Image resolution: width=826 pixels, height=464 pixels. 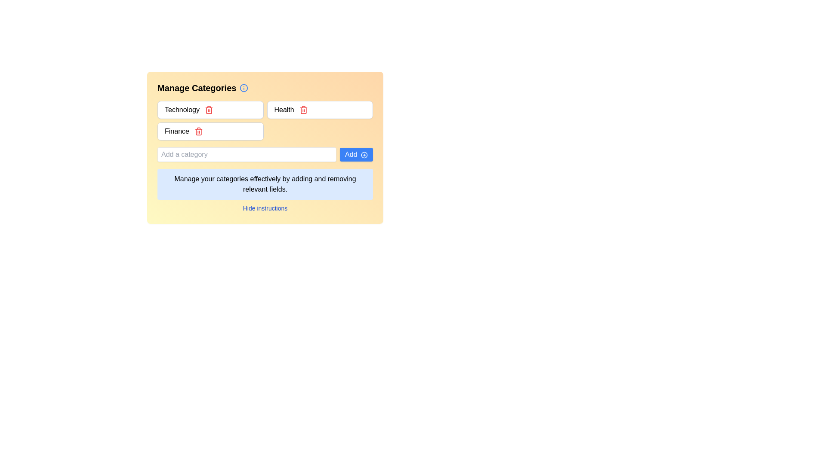 What do you see at coordinates (303, 109) in the screenshot?
I see `the delete icon button located to the right of the input field labeled 'Health'` at bounding box center [303, 109].